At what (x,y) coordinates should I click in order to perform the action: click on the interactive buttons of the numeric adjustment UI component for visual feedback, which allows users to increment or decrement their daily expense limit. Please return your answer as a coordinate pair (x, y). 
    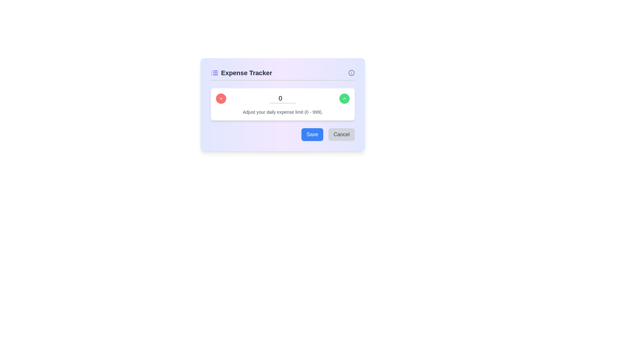
    Looking at the image, I should click on (282, 104).